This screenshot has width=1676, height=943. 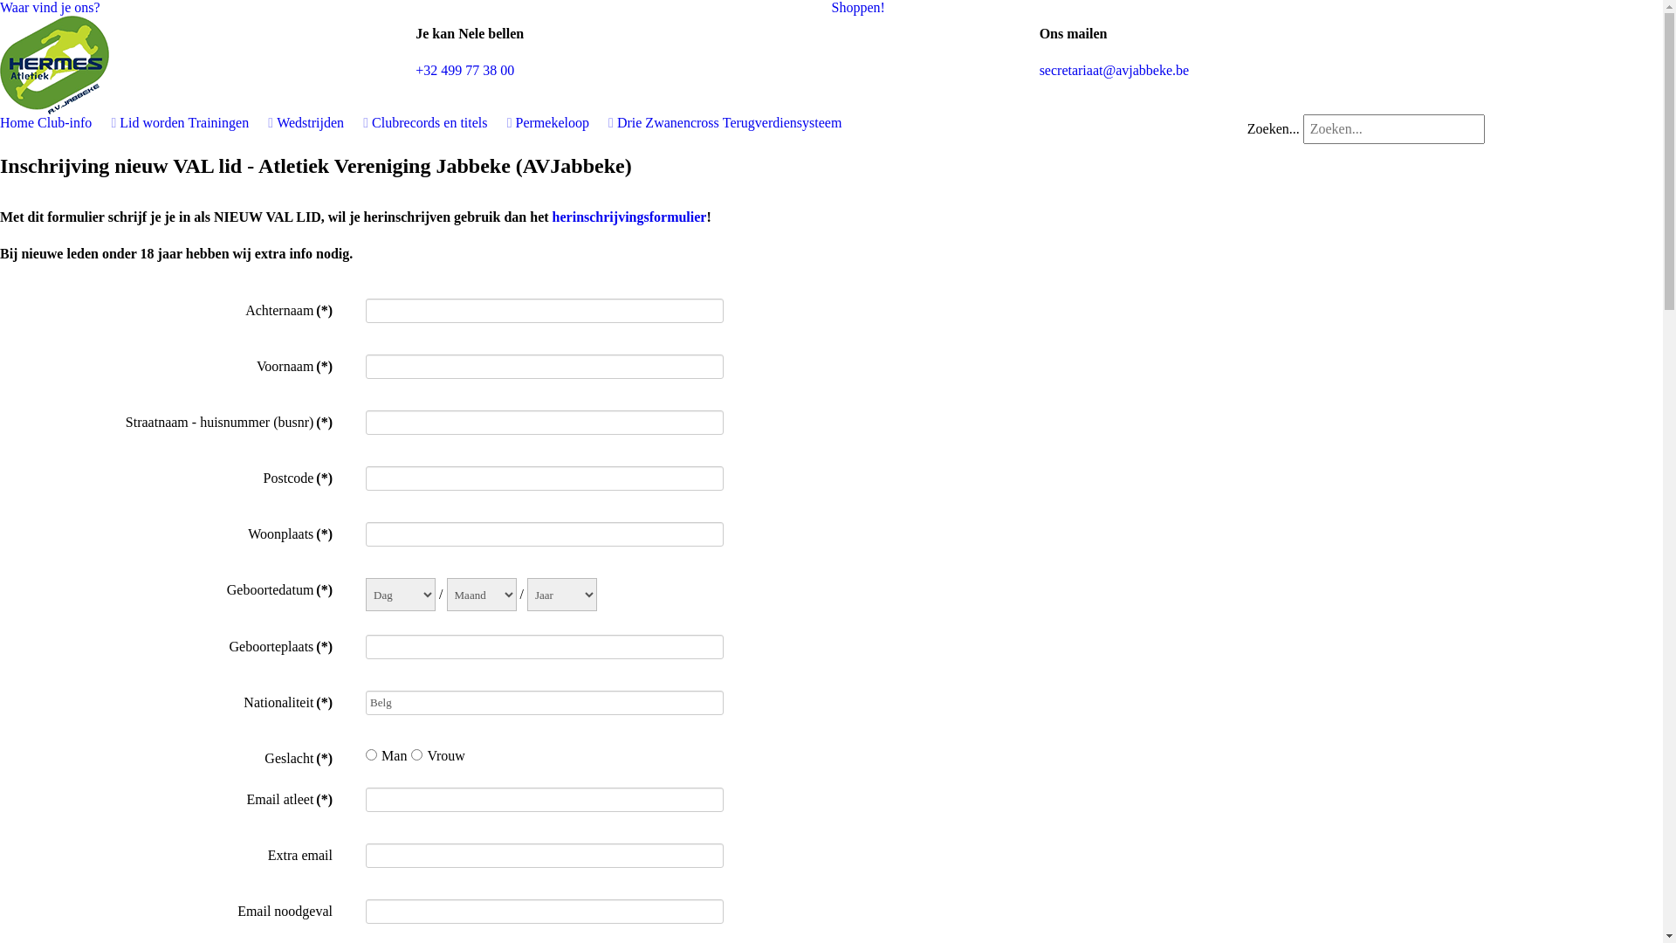 I want to click on 'Clubrecords en titels', so click(x=441, y=121).